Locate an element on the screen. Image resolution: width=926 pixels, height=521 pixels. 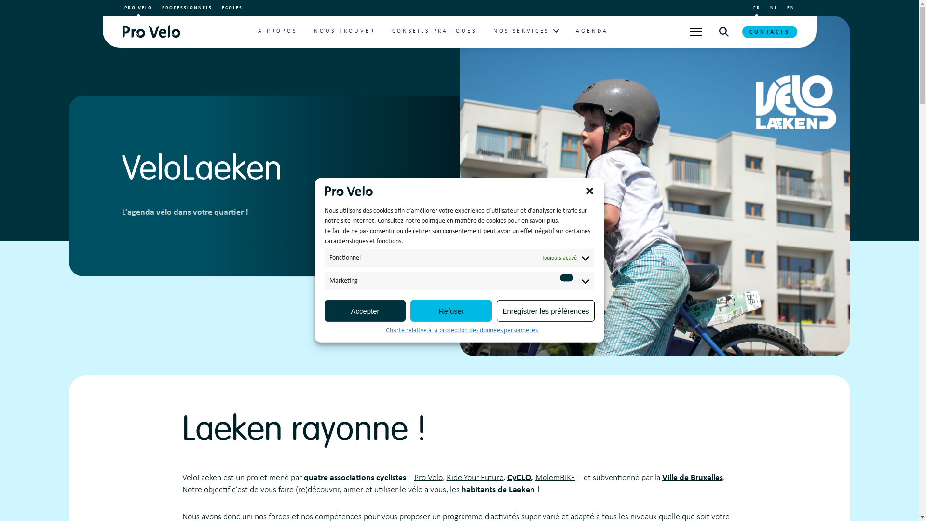
'PROFESSIONNELS' is located at coordinates (187, 8).